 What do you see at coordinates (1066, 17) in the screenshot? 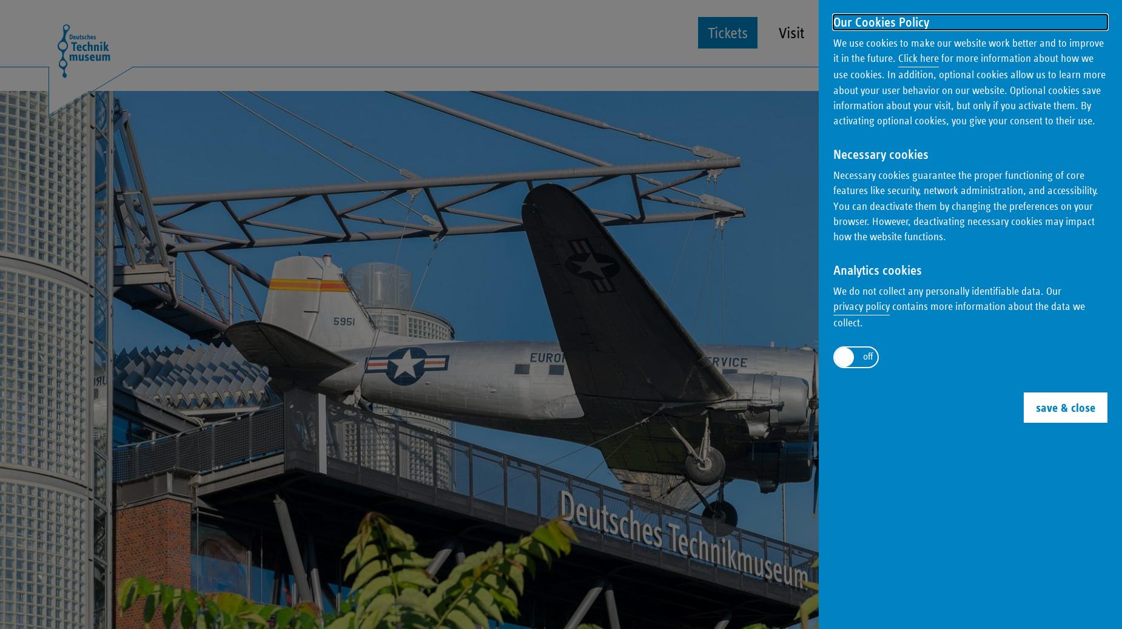
I see `'EN'` at bounding box center [1066, 17].